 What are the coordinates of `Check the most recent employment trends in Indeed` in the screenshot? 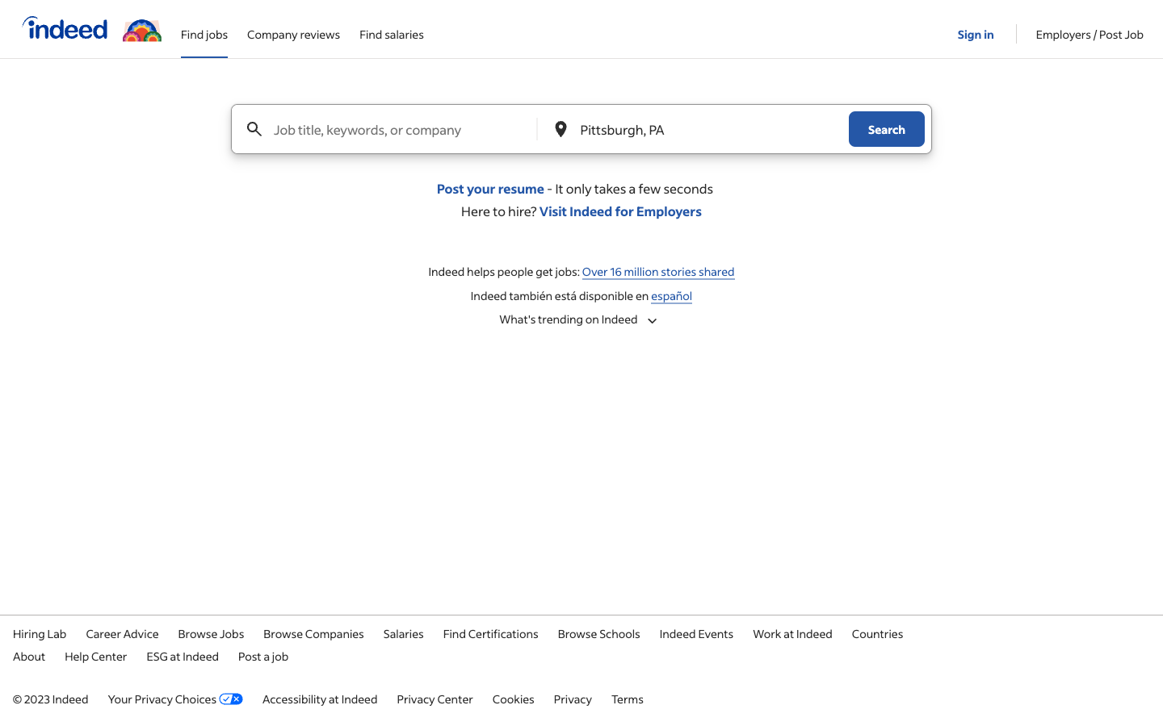 It's located at (581, 319).